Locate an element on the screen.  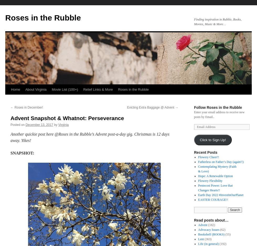
'(192)' is located at coordinates (222, 244).